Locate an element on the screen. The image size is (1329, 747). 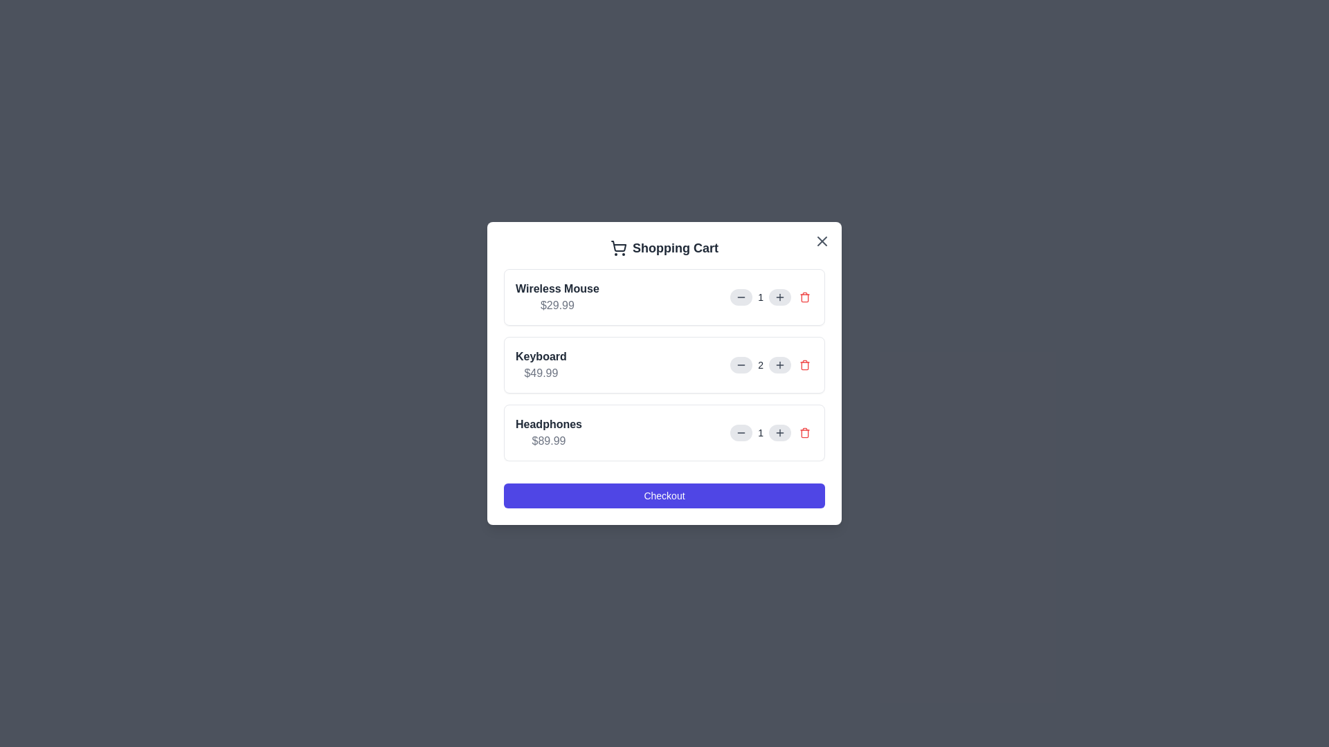
the circular button with a plus icon located in the third entry of the shopping cart list for the 'Headphones' item is located at coordinates (780, 432).